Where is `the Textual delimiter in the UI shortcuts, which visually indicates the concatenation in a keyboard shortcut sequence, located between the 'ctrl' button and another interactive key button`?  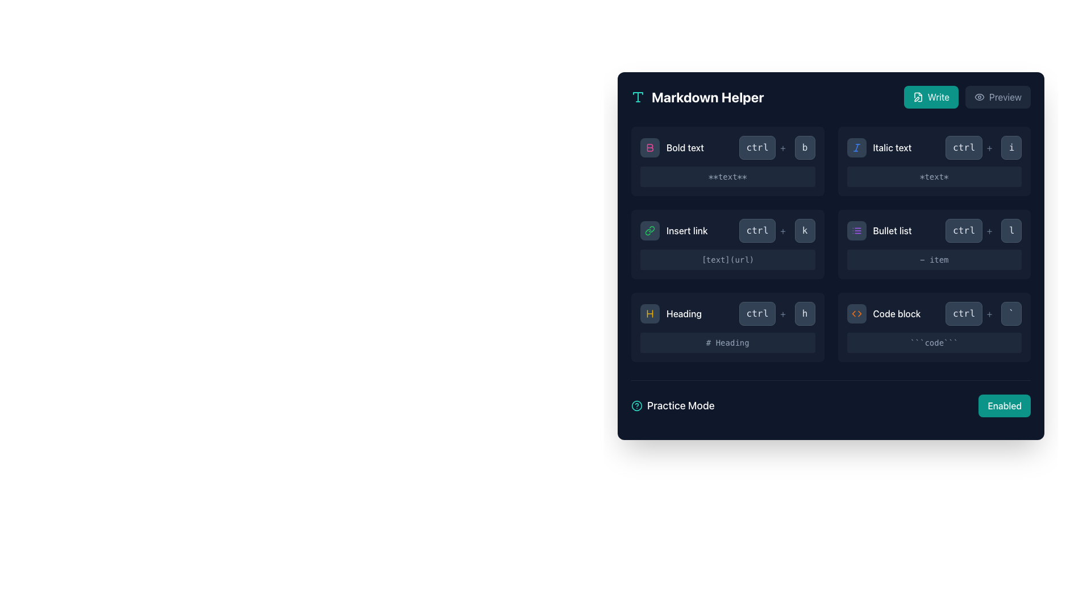
the Textual delimiter in the UI shortcuts, which visually indicates the concatenation in a keyboard shortcut sequence, located between the 'ctrl' button and another interactive key button is located at coordinates (782, 230).